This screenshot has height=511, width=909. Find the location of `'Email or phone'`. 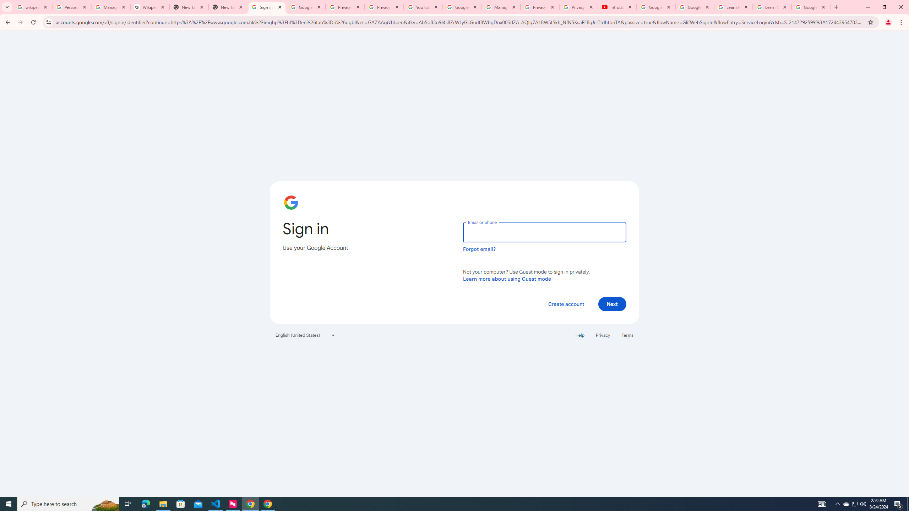

'Email or phone' is located at coordinates (544, 232).